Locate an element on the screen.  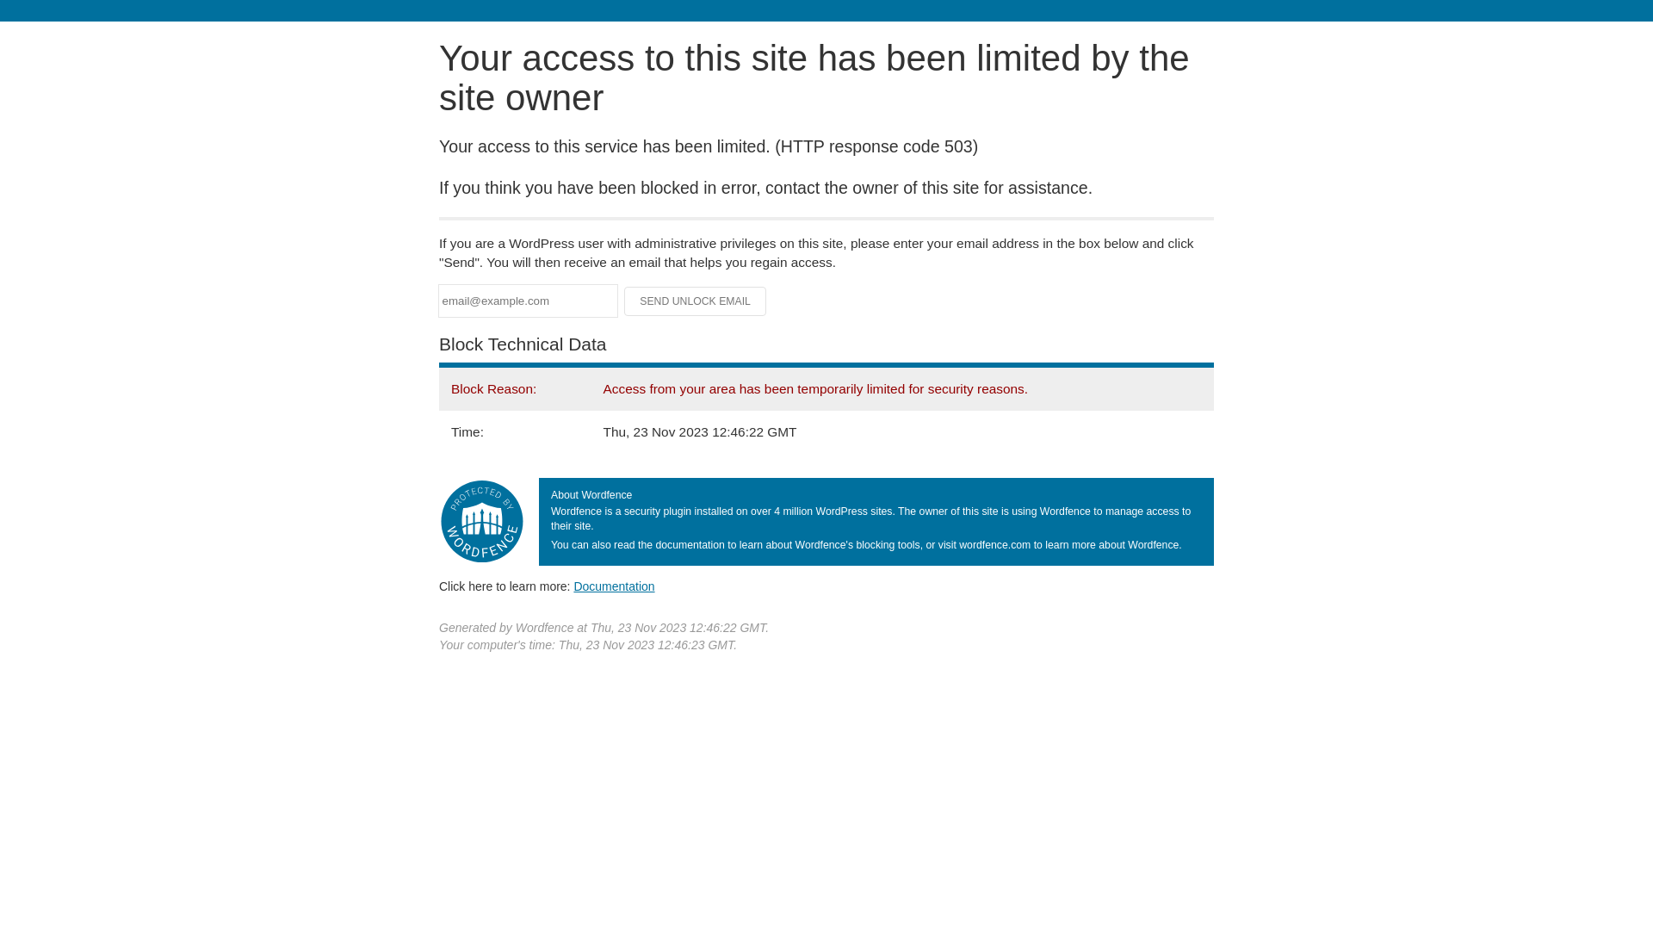
'Documentation' is located at coordinates (614, 586).